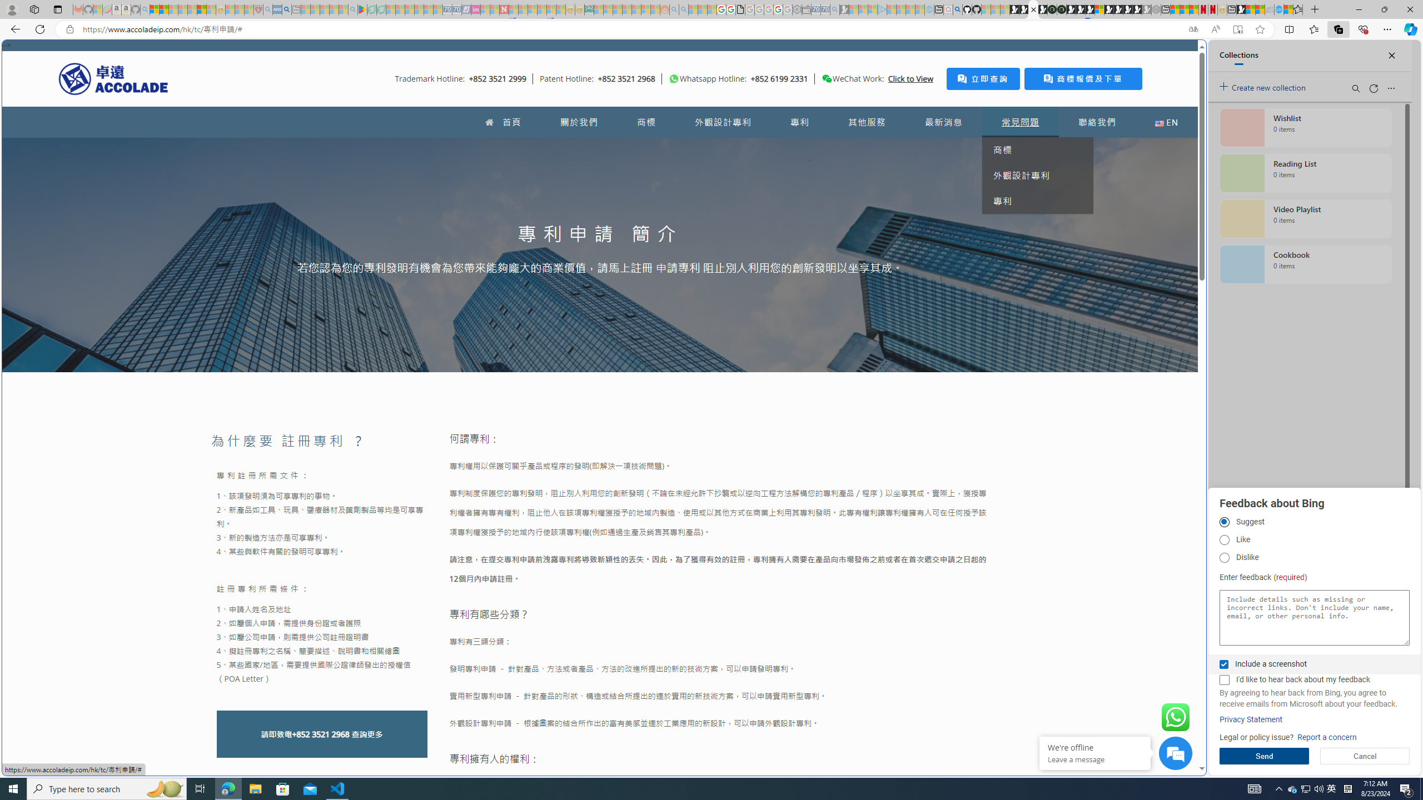 The image size is (1423, 800). Describe the element at coordinates (1223, 679) in the screenshot. I see `'I'` at that location.